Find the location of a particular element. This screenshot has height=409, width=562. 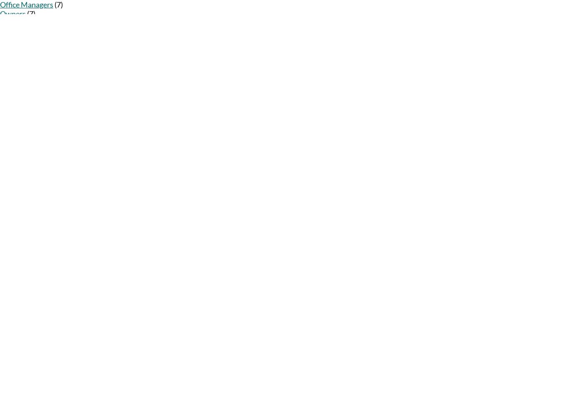

'About Us' is located at coordinates (11, 125).